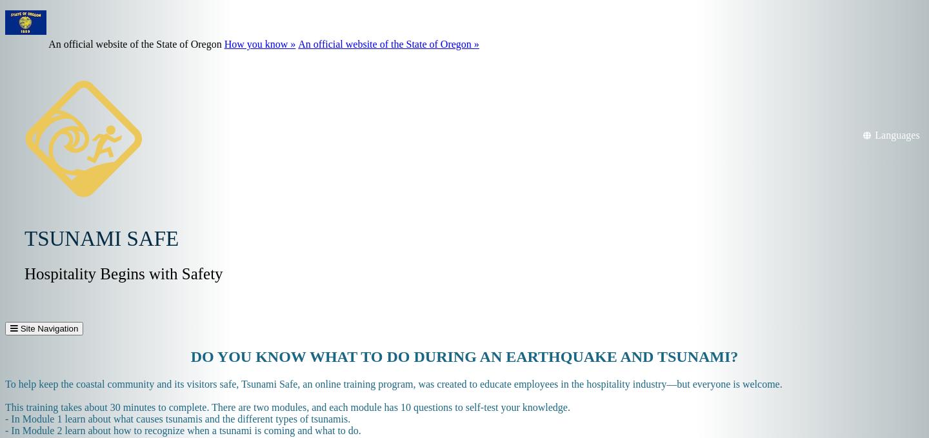 The height and width of the screenshot is (438, 929). Describe the element at coordinates (48, 44) in the screenshot. I see `'An official website of the State of Oregon'` at that location.